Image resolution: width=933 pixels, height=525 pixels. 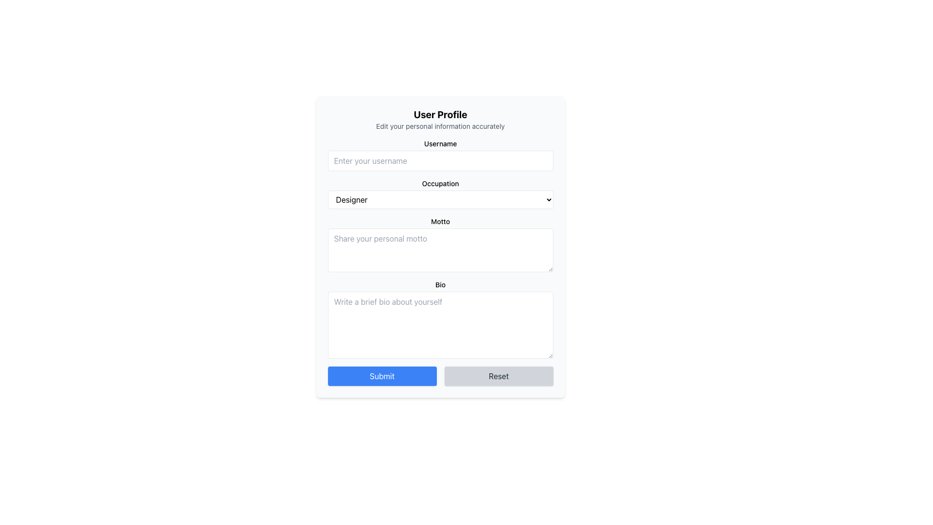 What do you see at coordinates (440, 125) in the screenshot?
I see `the static text element displaying 'Edit your personal information accurately', which is positioned directly below the 'User Profile' header` at bounding box center [440, 125].